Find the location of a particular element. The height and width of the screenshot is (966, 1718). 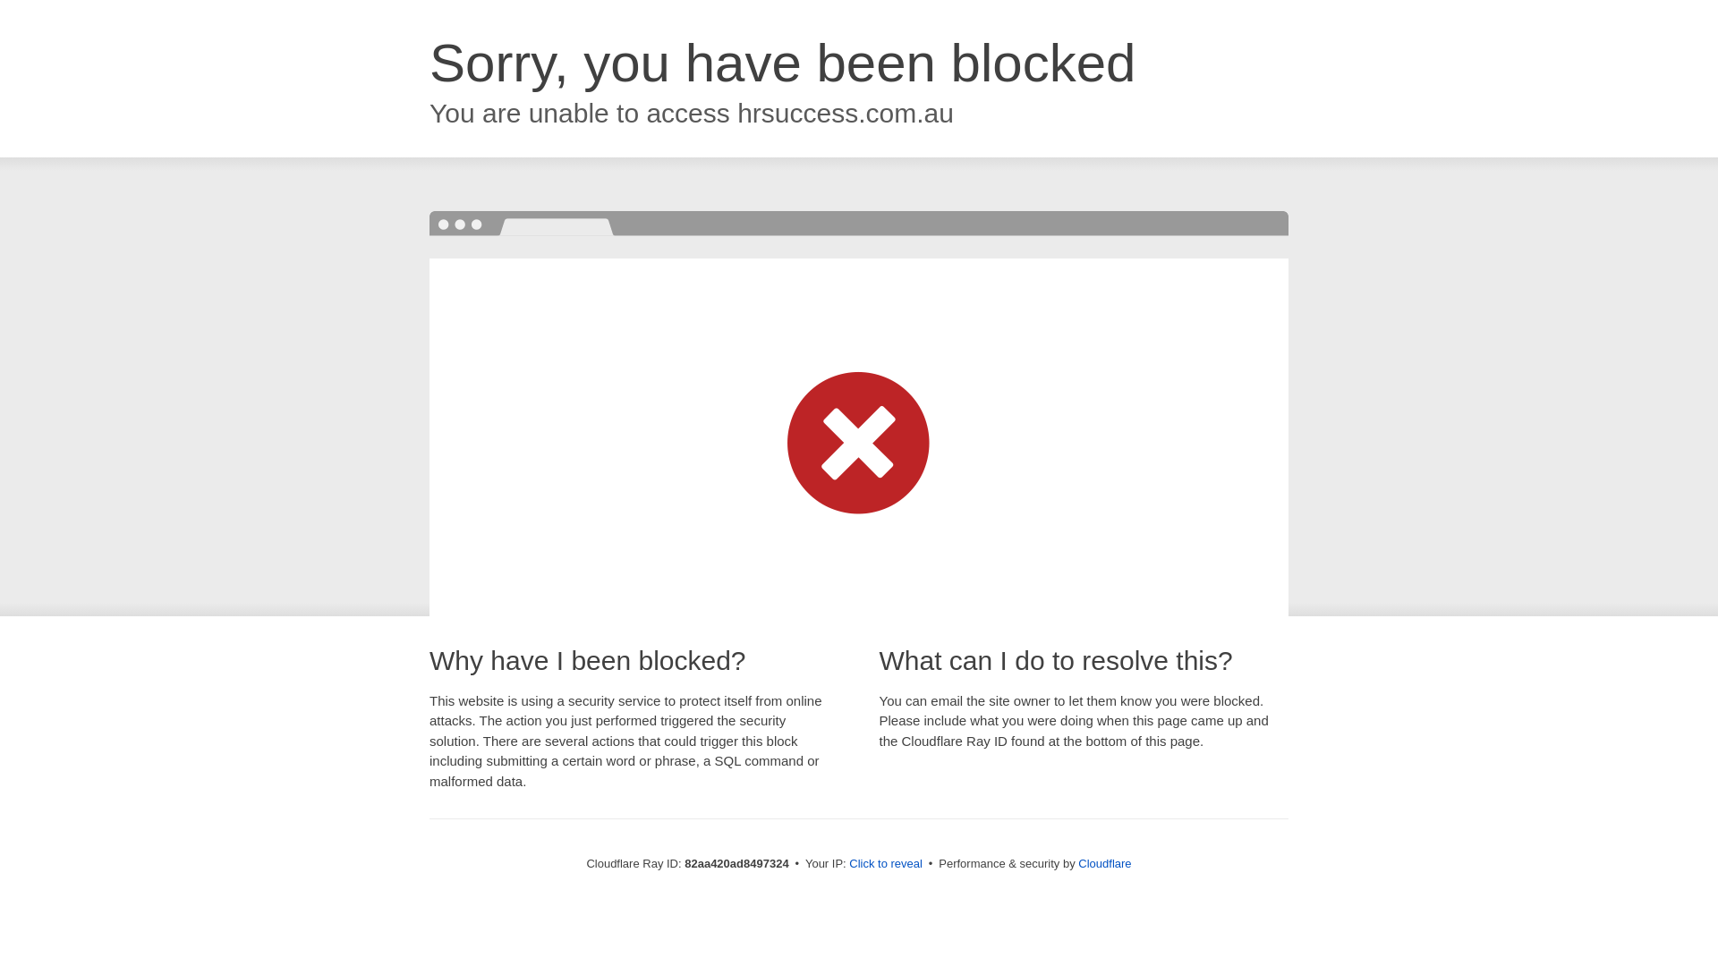

'Click to reveal' is located at coordinates (885, 862).